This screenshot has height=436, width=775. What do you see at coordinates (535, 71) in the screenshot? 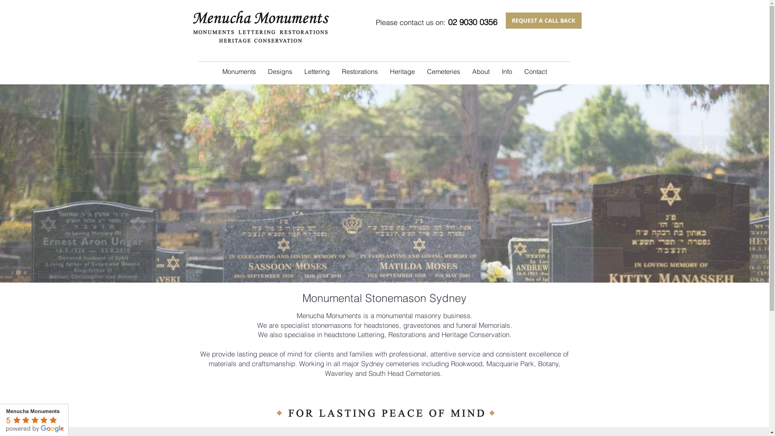
I see `'Contact'` at bounding box center [535, 71].